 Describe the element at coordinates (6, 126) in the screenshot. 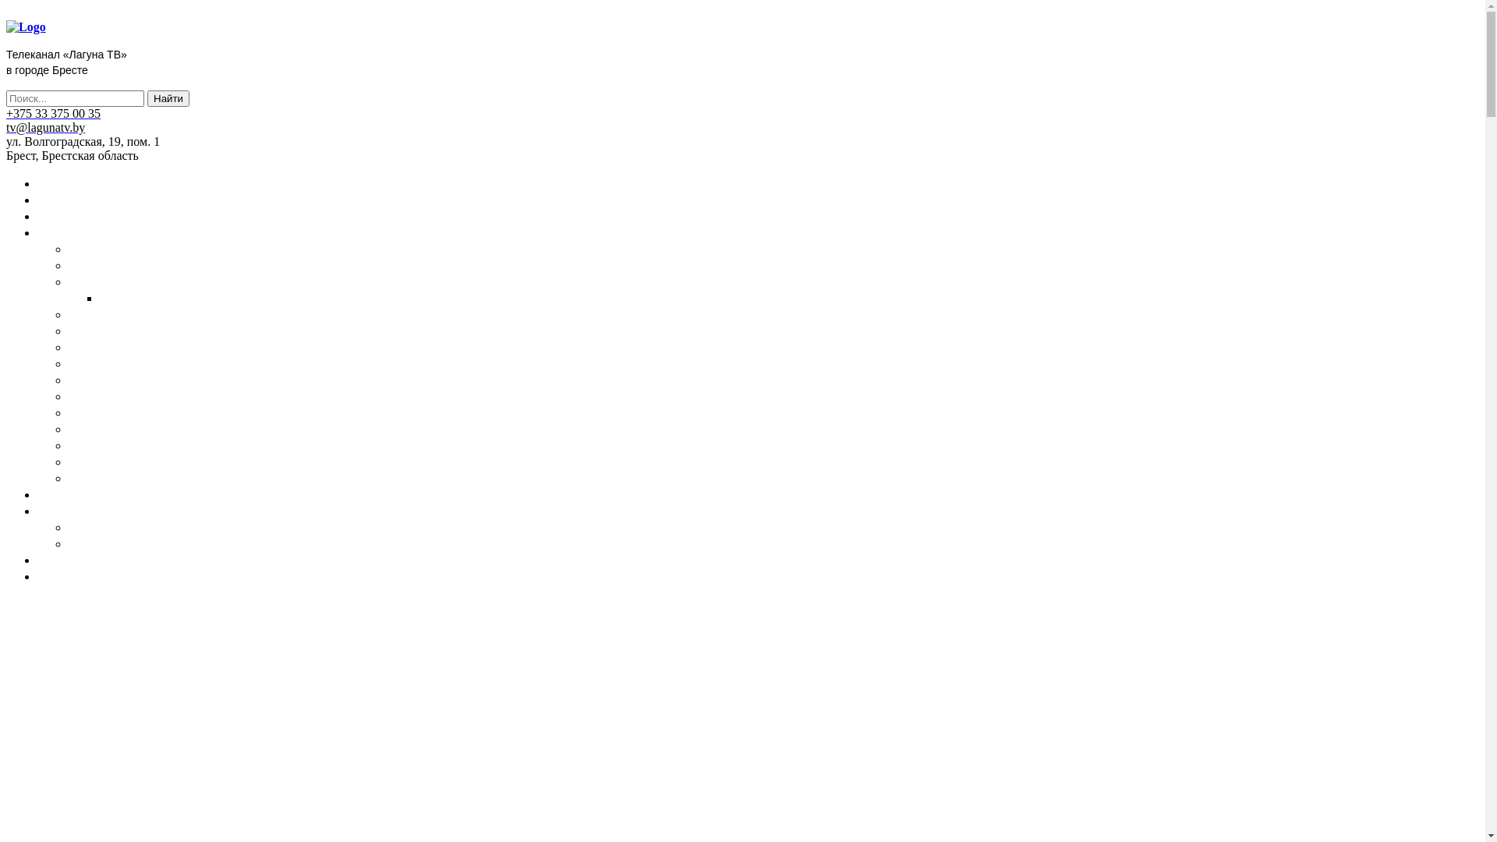

I see `'tv@lagunatv.by'` at that location.